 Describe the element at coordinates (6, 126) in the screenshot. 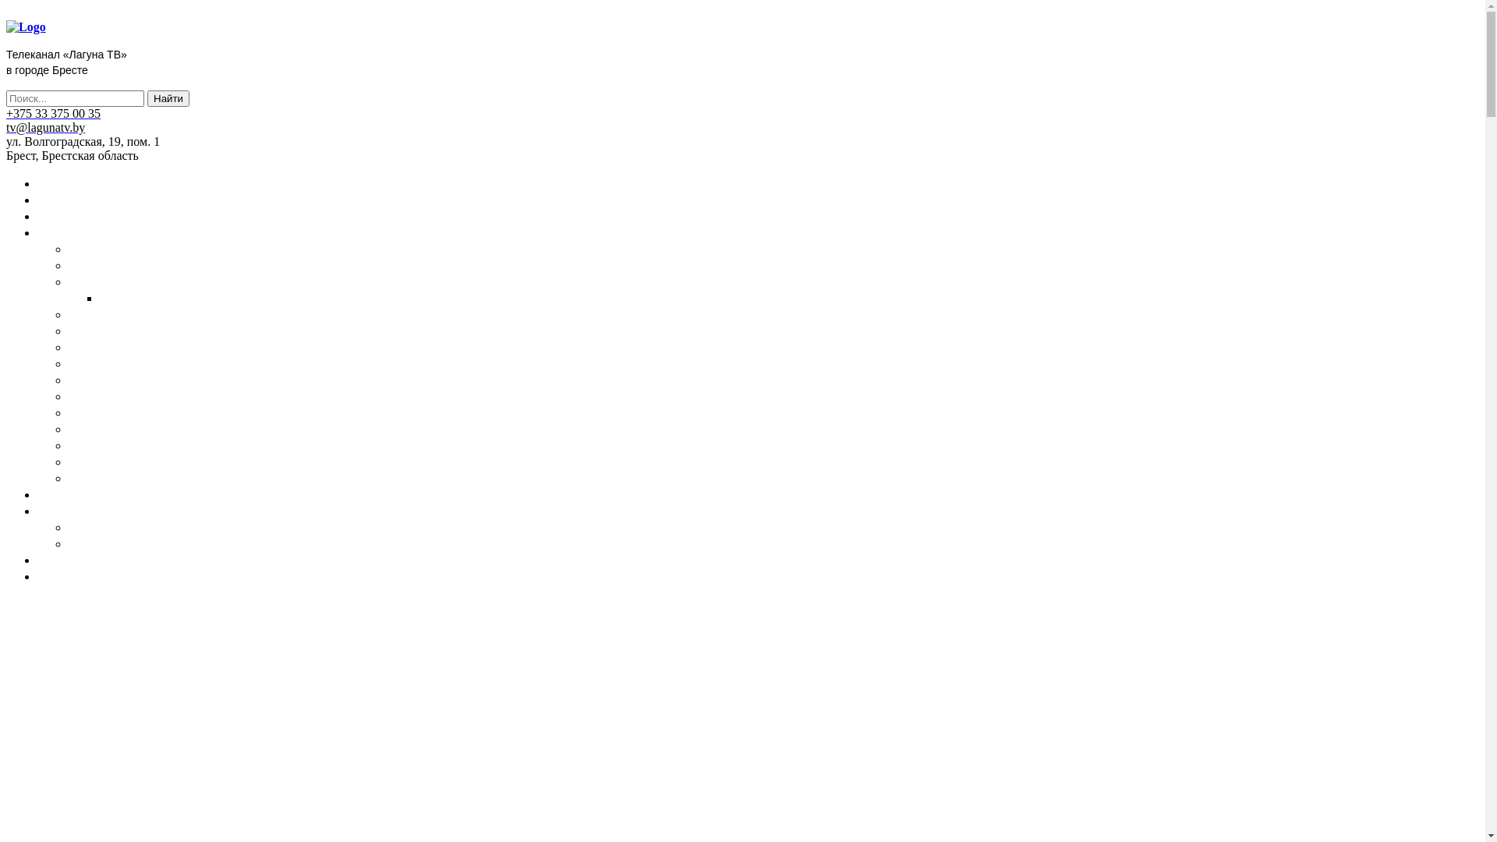

I see `'tv@lagunatv.by'` at that location.